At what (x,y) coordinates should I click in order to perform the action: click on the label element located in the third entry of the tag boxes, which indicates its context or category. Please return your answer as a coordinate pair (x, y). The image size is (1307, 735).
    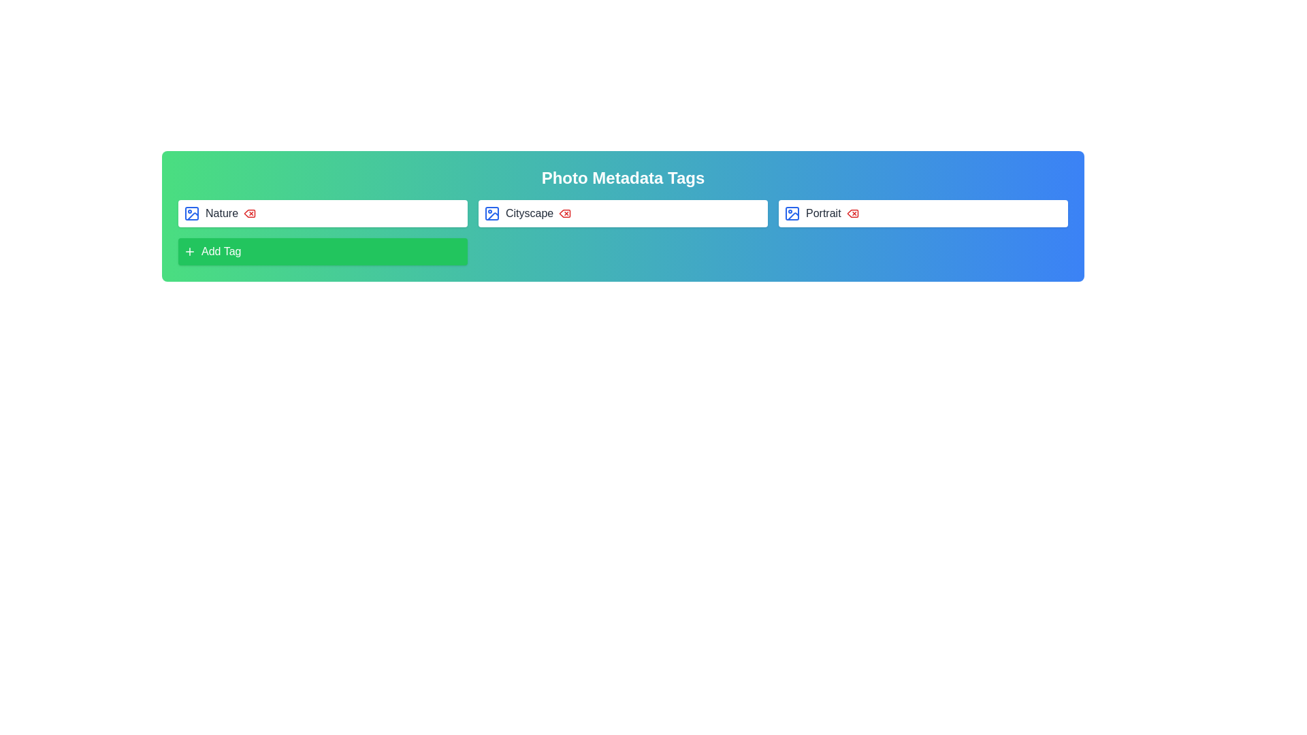
    Looking at the image, I should click on (822, 213).